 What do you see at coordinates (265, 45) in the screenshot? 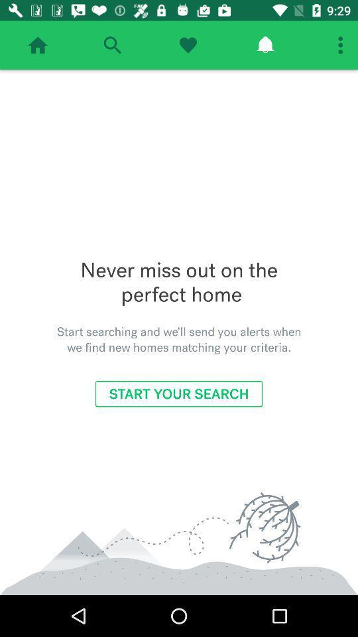
I see `check notifications` at bounding box center [265, 45].